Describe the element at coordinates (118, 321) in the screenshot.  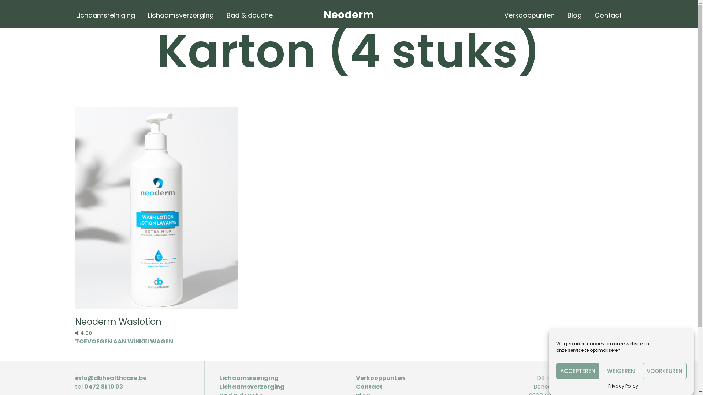
I see `'Neoderm Waslotion'` at that location.